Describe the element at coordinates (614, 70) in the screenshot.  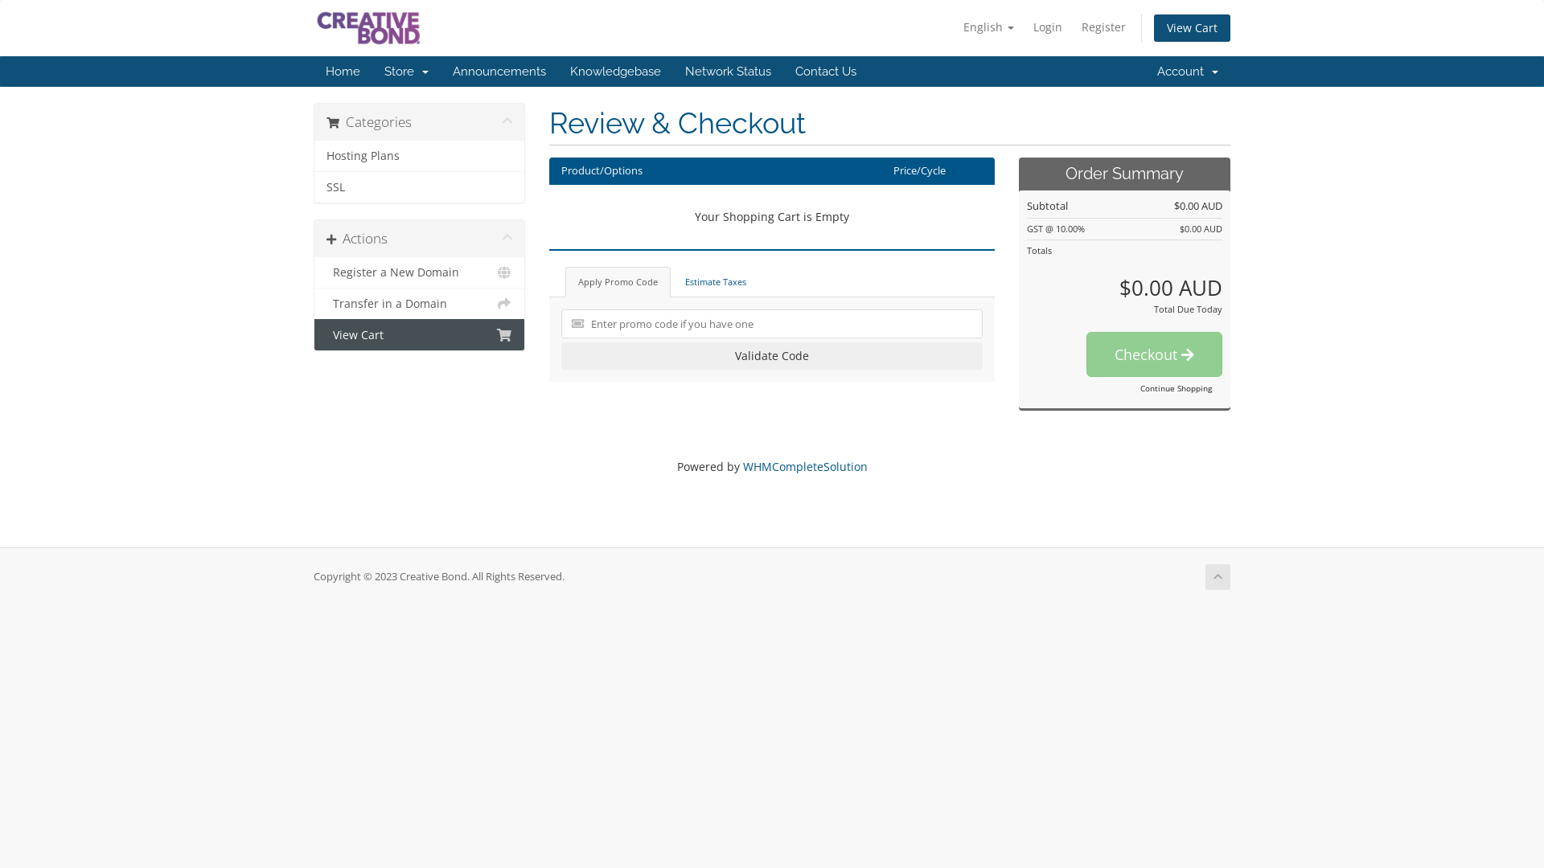
I see `'Knowledgebase'` at that location.